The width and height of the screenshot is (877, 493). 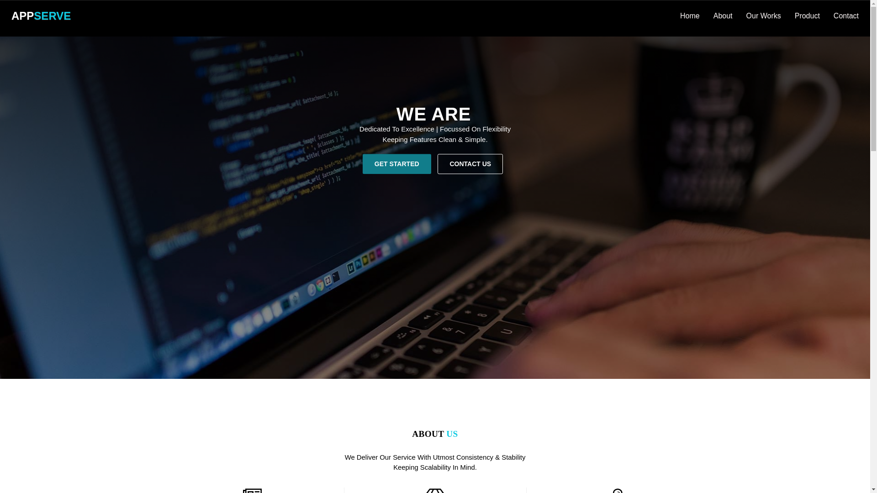 I want to click on 'Contact', so click(x=845, y=16).